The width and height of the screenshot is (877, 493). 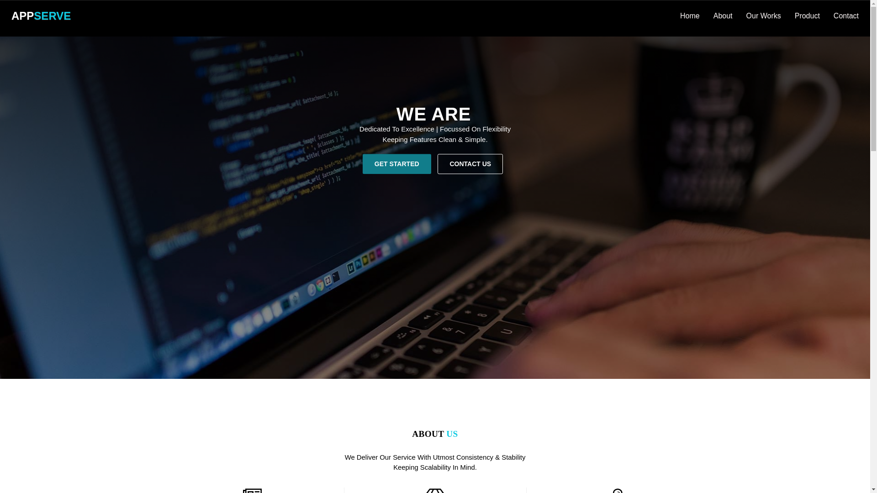 I want to click on 'Contact', so click(x=845, y=16).